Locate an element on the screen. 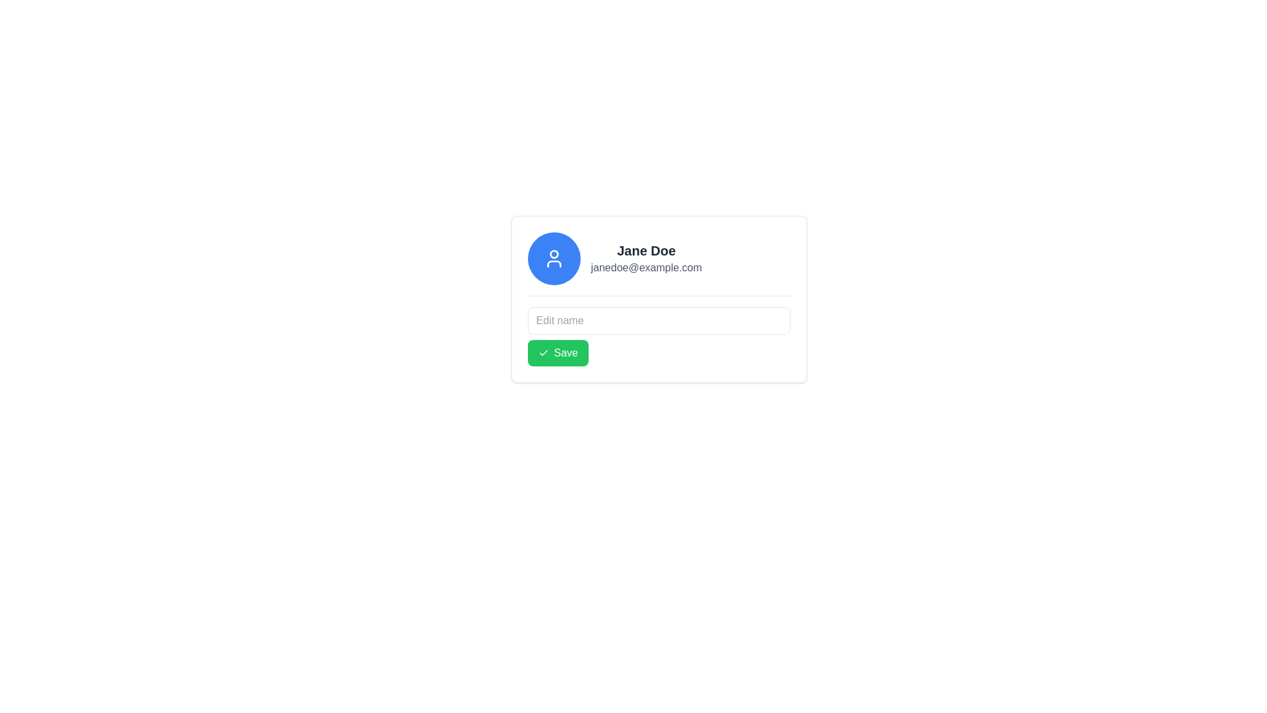 The image size is (1267, 713). the Information Display Section containing the blue circular user profile icon, the name 'Jane Doe' in bold, and the email 'janedoe@example.com' below it is located at coordinates (659, 259).